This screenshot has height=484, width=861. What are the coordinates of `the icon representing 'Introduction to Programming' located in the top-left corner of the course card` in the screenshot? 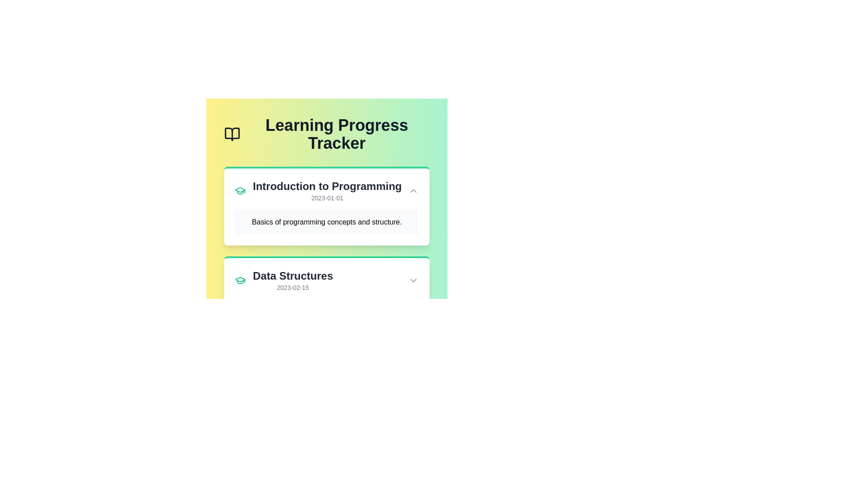 It's located at (240, 190).